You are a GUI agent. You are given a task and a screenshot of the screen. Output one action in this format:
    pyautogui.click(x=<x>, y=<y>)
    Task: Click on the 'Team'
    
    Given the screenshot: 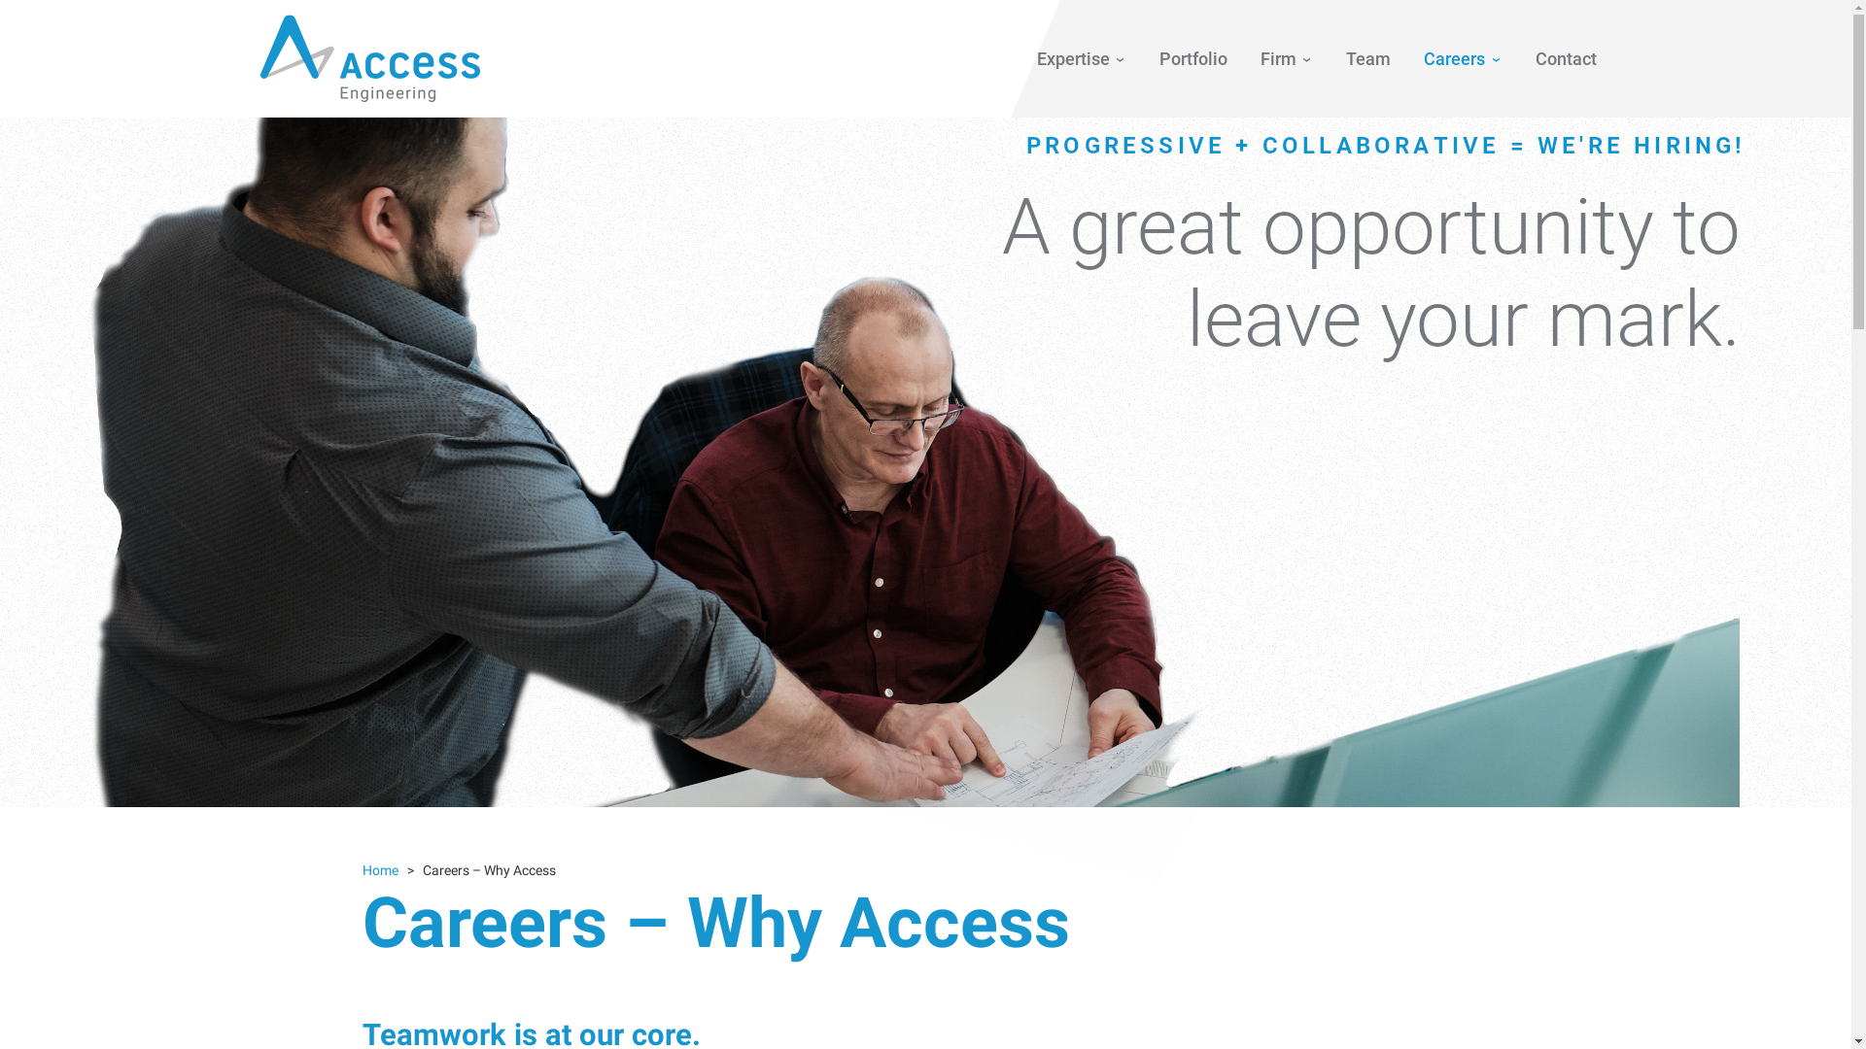 What is the action you would take?
    pyautogui.click(x=1366, y=57)
    